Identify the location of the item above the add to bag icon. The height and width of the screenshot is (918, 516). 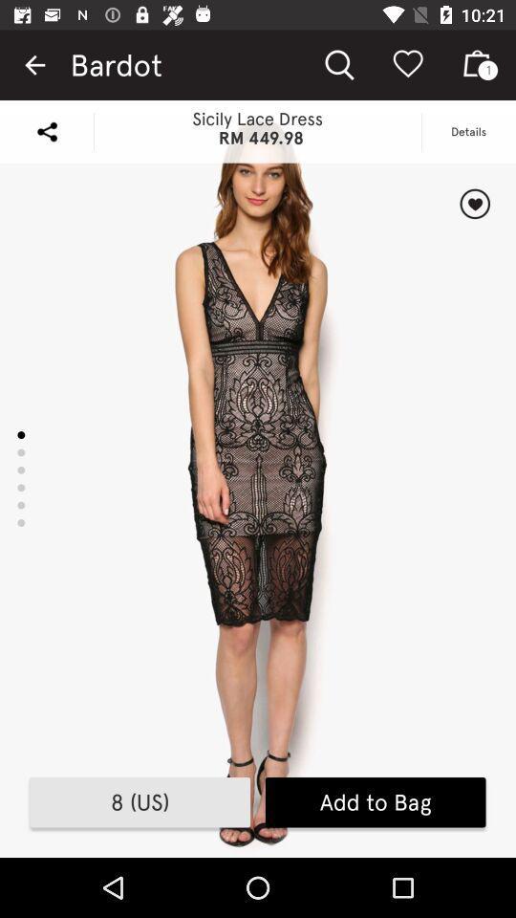
(474, 204).